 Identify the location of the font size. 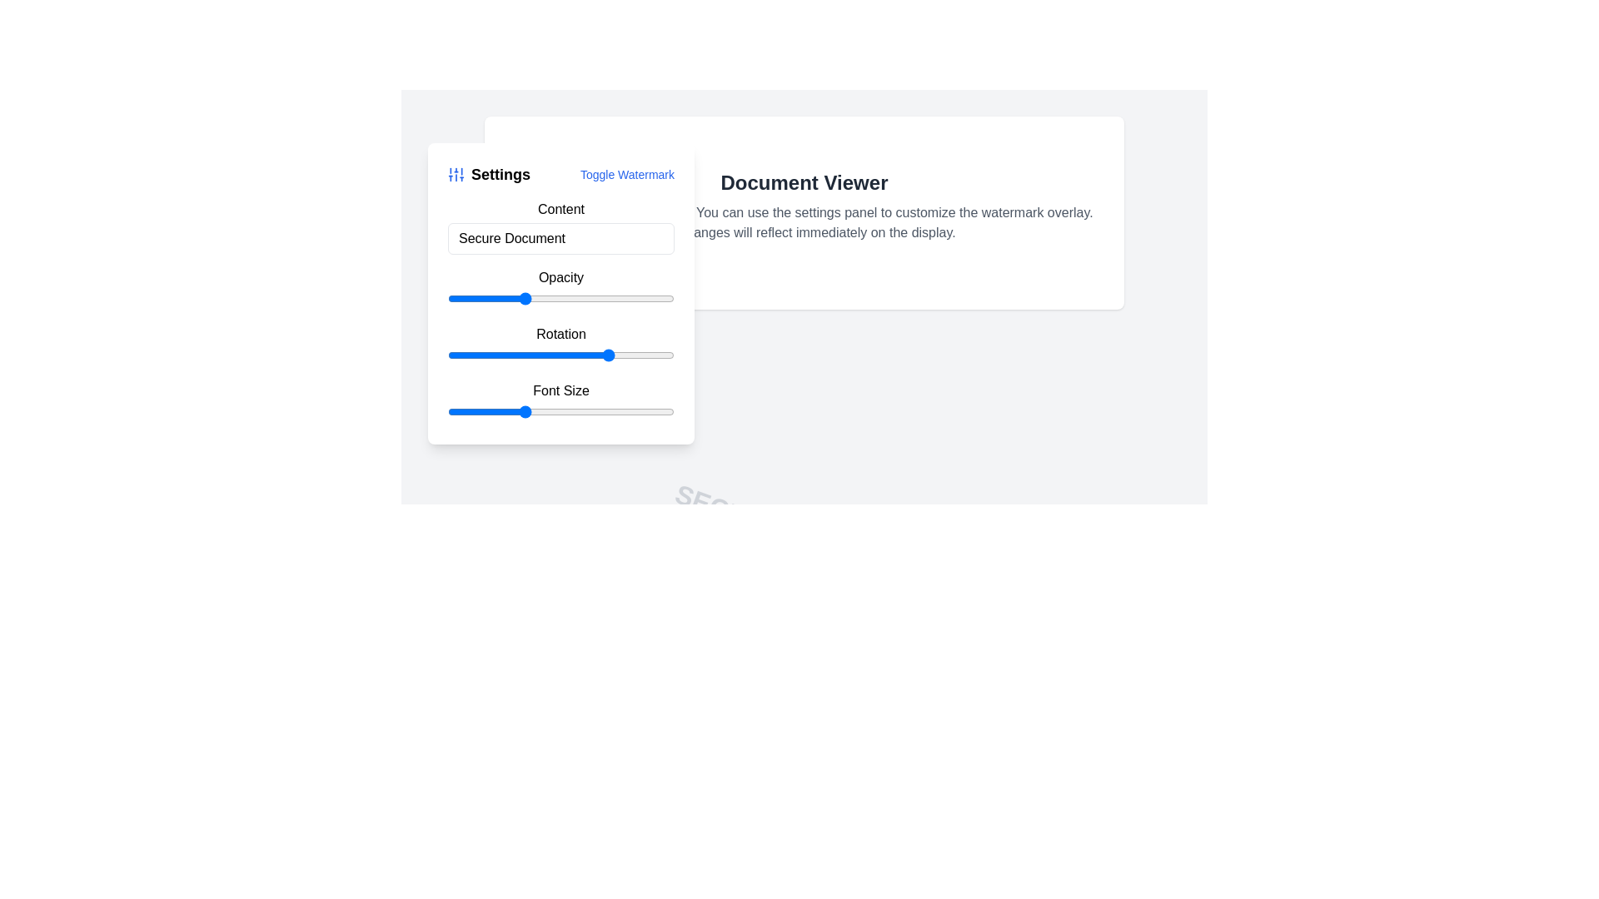
(650, 411).